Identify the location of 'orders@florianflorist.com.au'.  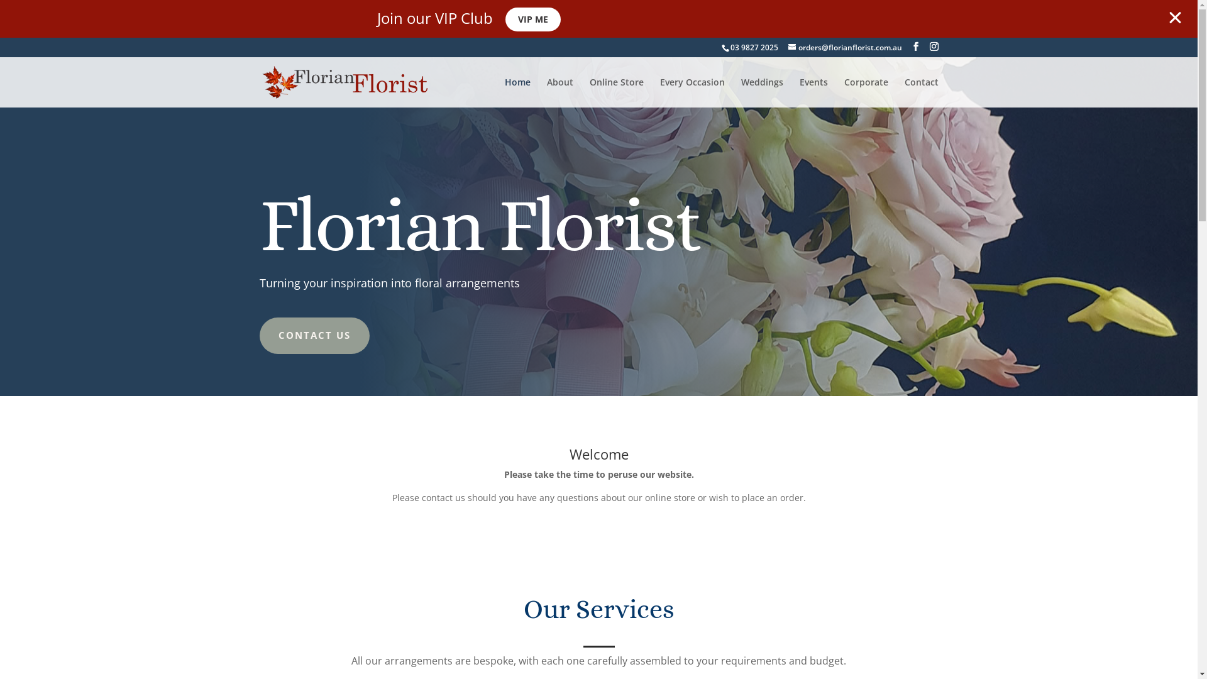
(845, 47).